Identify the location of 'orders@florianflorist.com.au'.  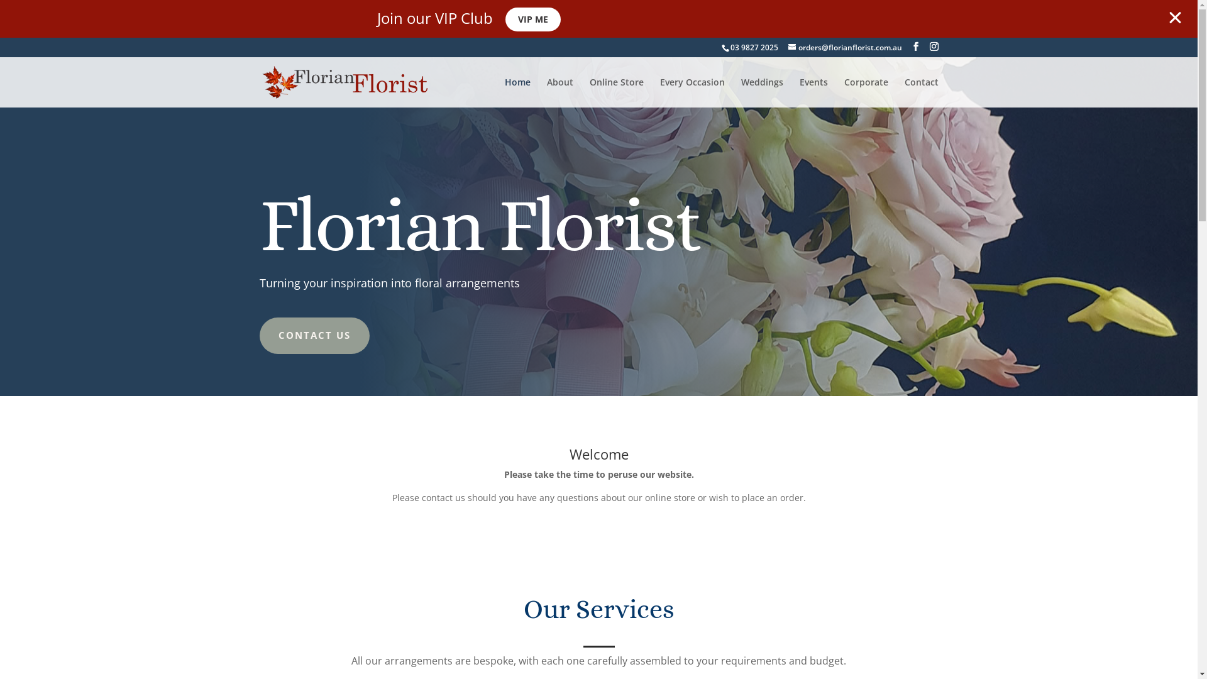
(845, 47).